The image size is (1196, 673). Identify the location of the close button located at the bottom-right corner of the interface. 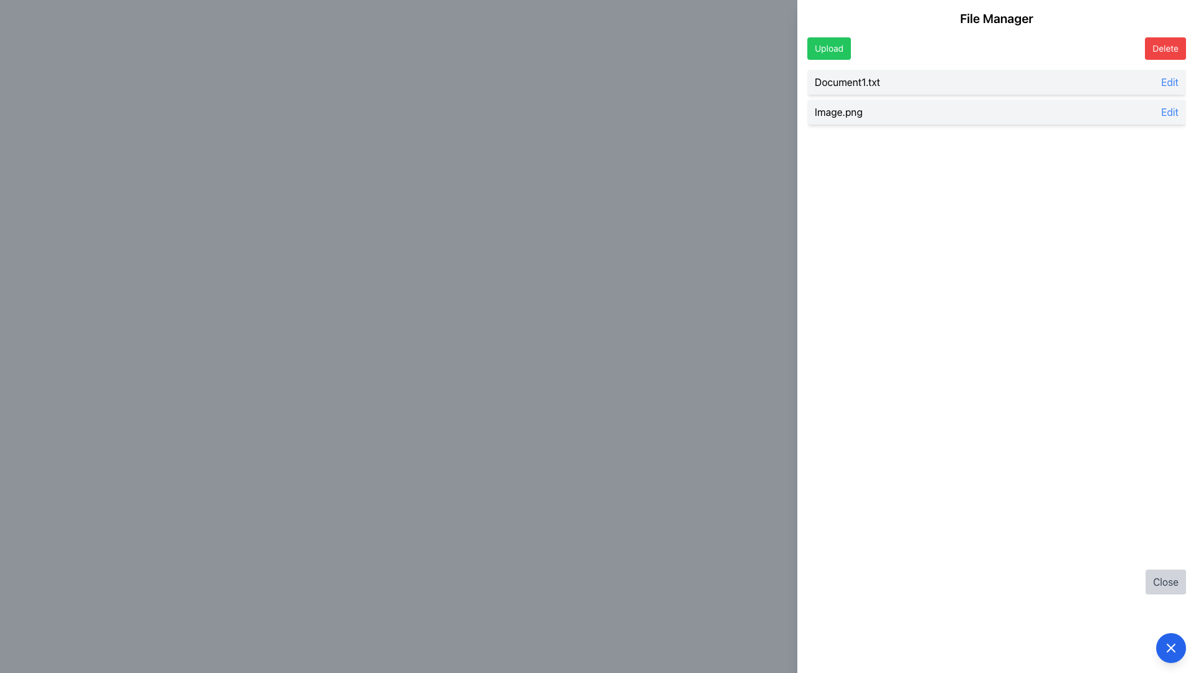
(1170, 647).